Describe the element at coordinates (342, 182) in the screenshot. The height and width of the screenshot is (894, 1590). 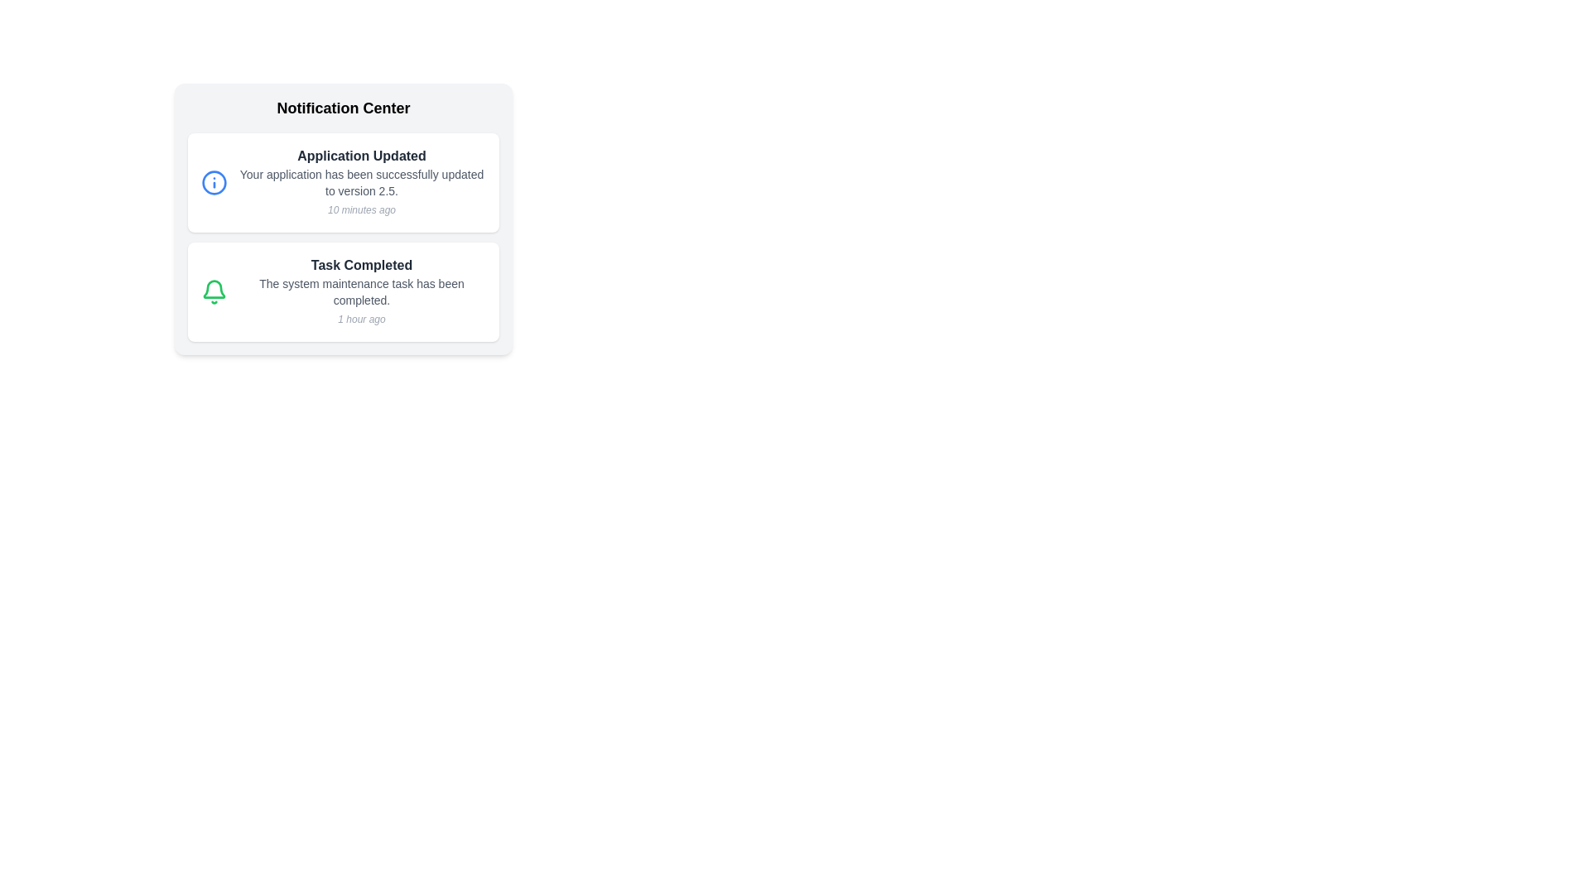
I see `the Notification card titled 'Application Updated', which is the top notification item in the Notification Center` at that location.